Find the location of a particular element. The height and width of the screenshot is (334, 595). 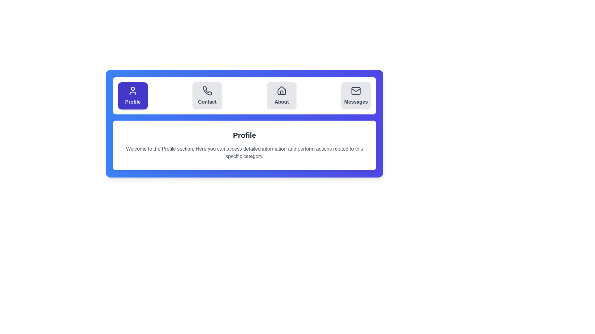

the tab labeled 'Contact' to observe its hover effect is located at coordinates (207, 96).